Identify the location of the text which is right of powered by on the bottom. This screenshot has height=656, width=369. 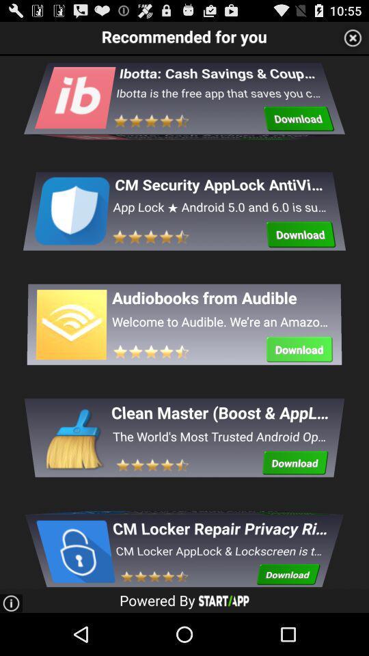
(223, 600).